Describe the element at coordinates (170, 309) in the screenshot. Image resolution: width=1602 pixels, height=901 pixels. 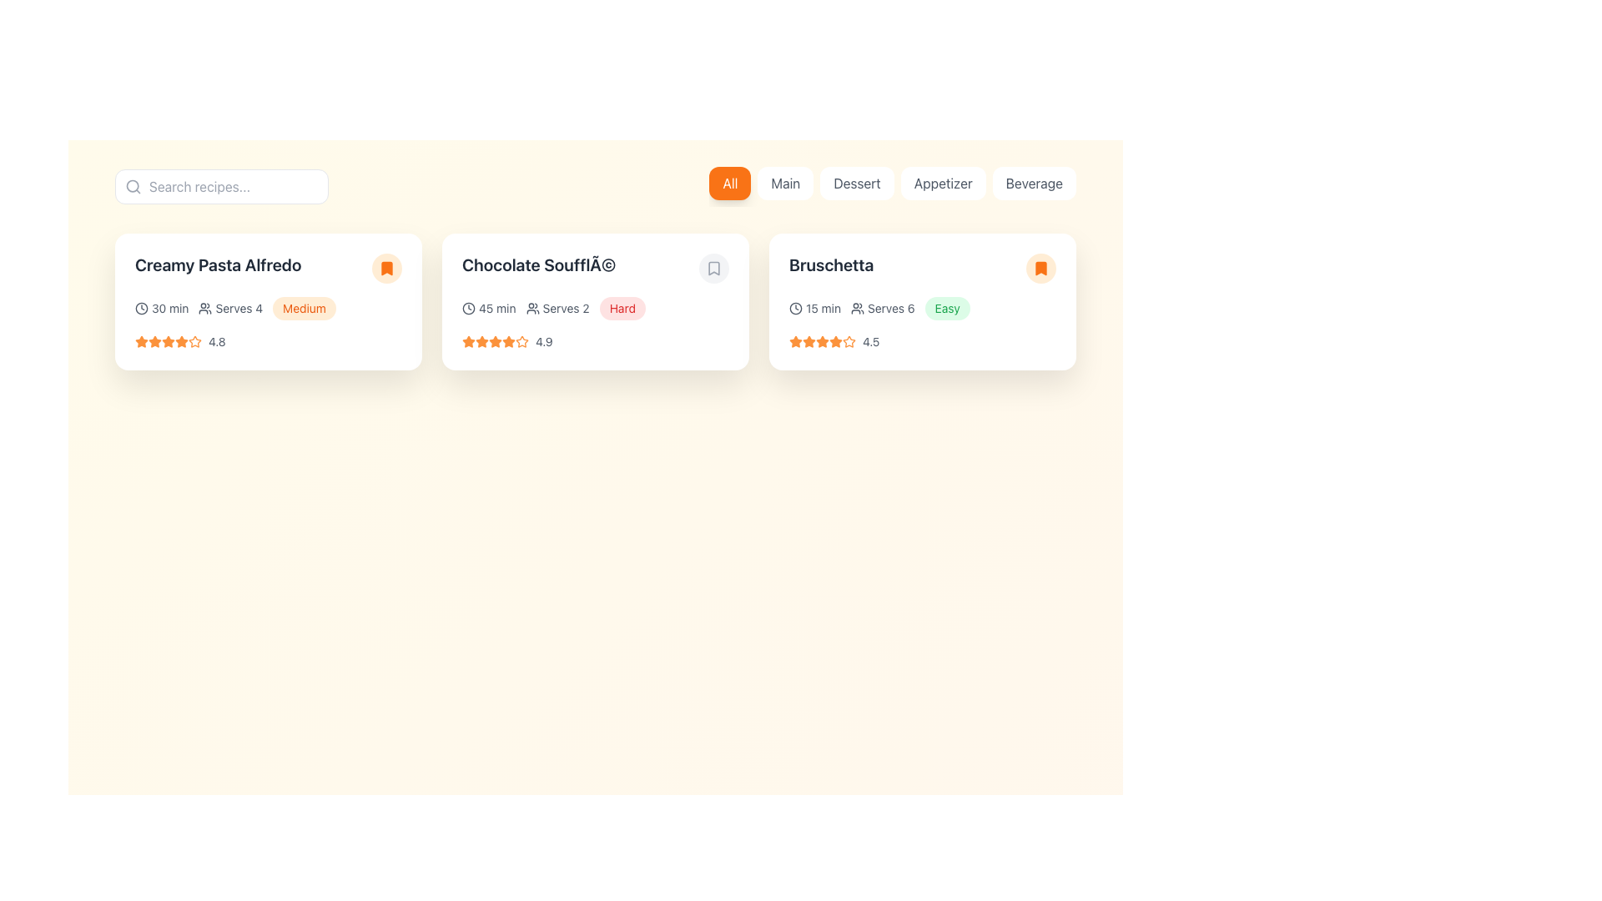
I see `'30 min' text label element, which is styled in gray and positioned next to a clock icon, located in the top-left part of a card in a grid layout` at that location.